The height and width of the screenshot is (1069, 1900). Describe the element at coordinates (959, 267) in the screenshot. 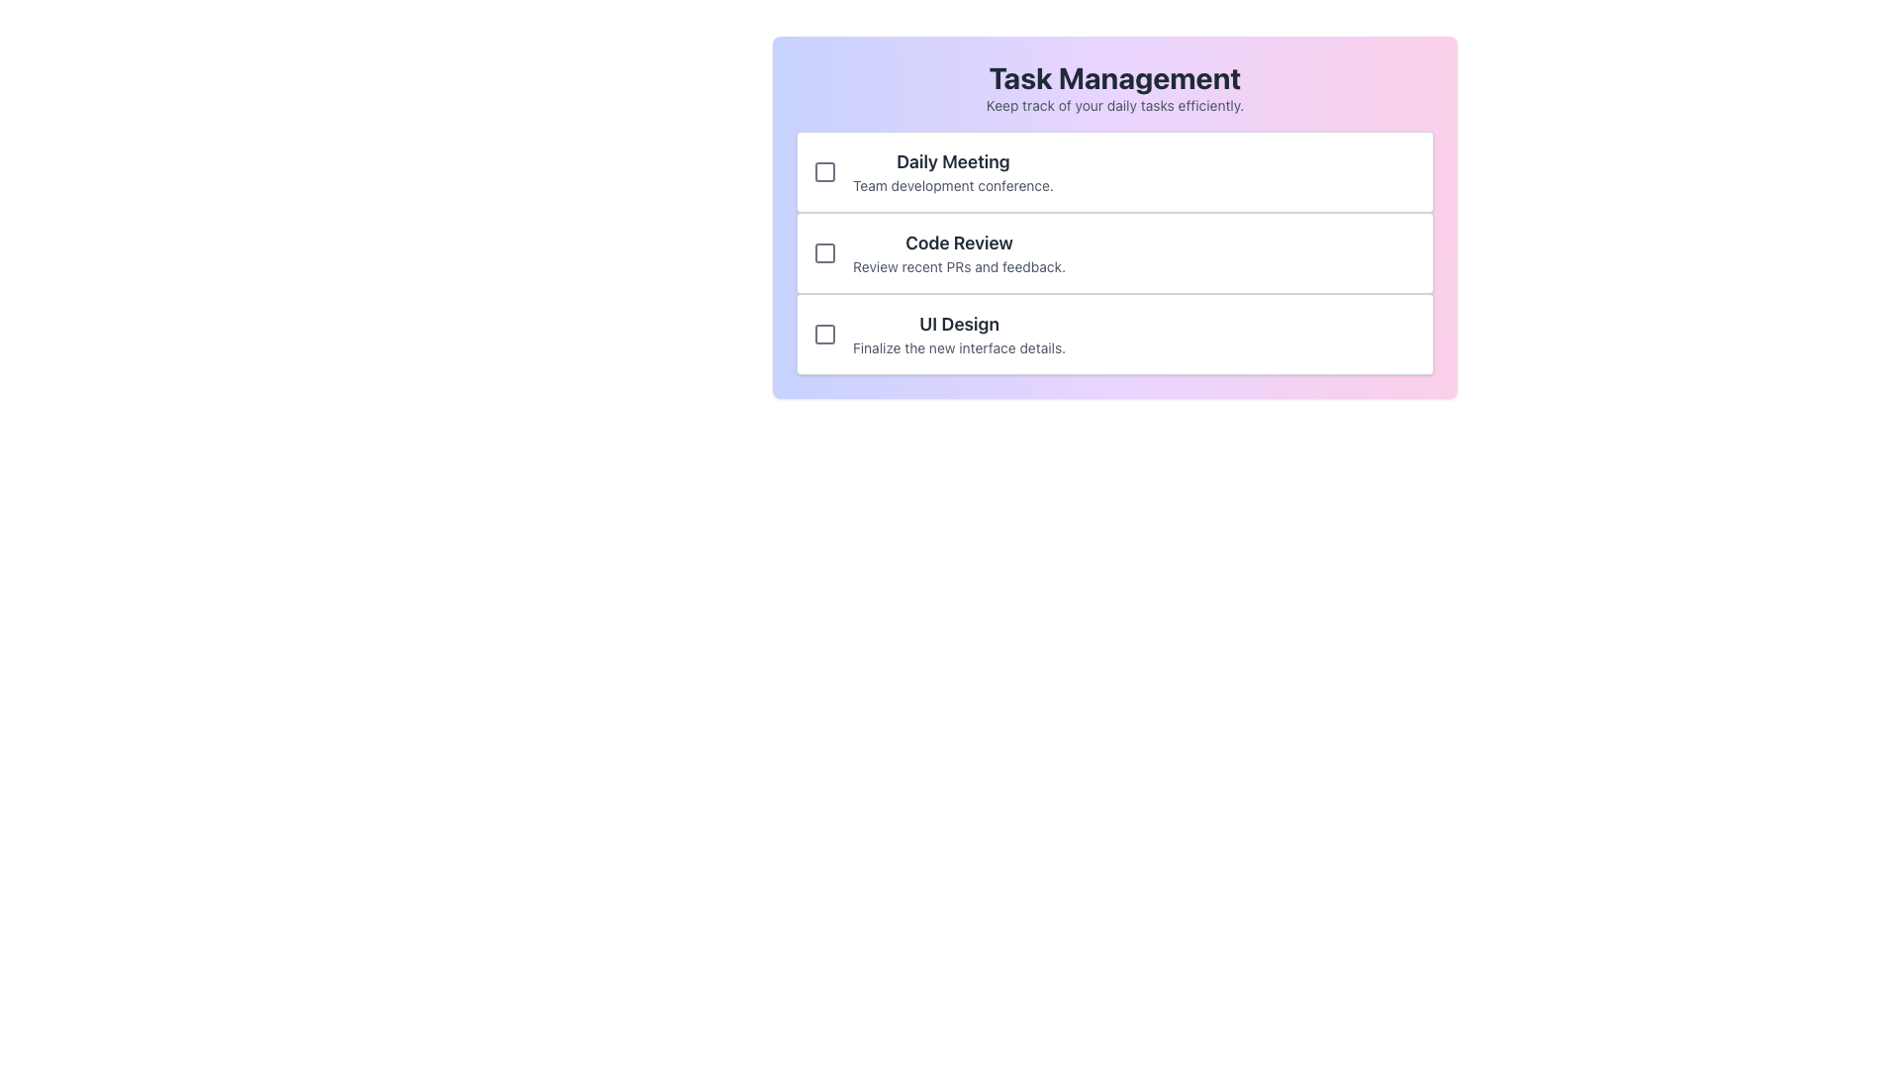

I see `the static text label reading 'Review recent PRs and feedback.' located below the 'Code Review' title in the task management interface` at that location.